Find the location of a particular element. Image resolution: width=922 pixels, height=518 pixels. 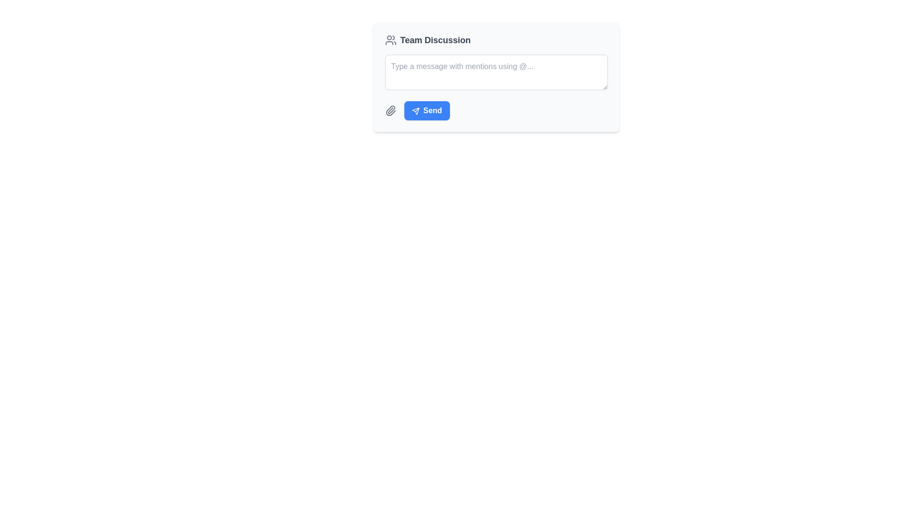

the send icon located at the bottom-right corner of the messaging section is located at coordinates (415, 110).